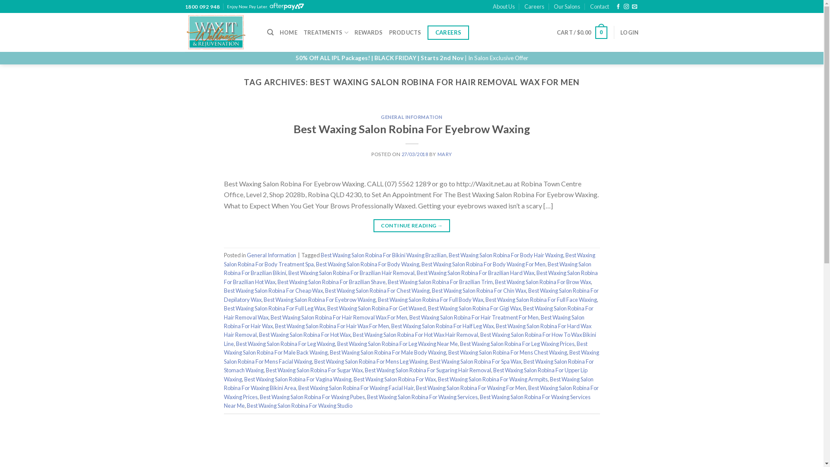 This screenshot has width=830, height=467. What do you see at coordinates (320, 255) in the screenshot?
I see `'Best Waxing Salon Robina For Bikini Waxing Brazilian'` at bounding box center [320, 255].